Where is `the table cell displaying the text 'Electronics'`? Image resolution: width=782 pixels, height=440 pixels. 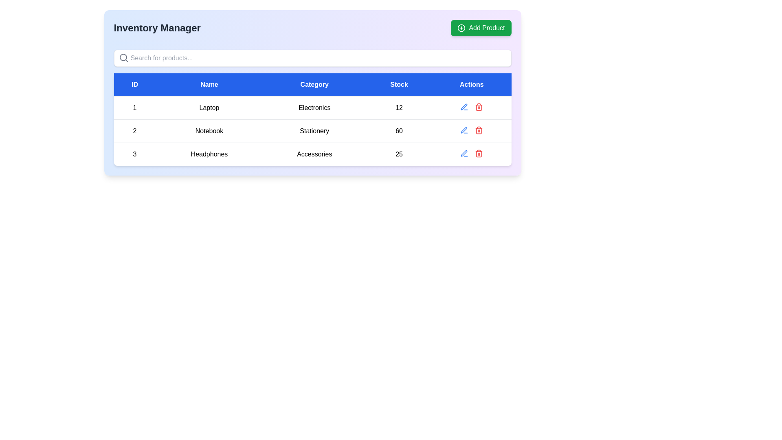
the table cell displaying the text 'Electronics' is located at coordinates (312, 108).